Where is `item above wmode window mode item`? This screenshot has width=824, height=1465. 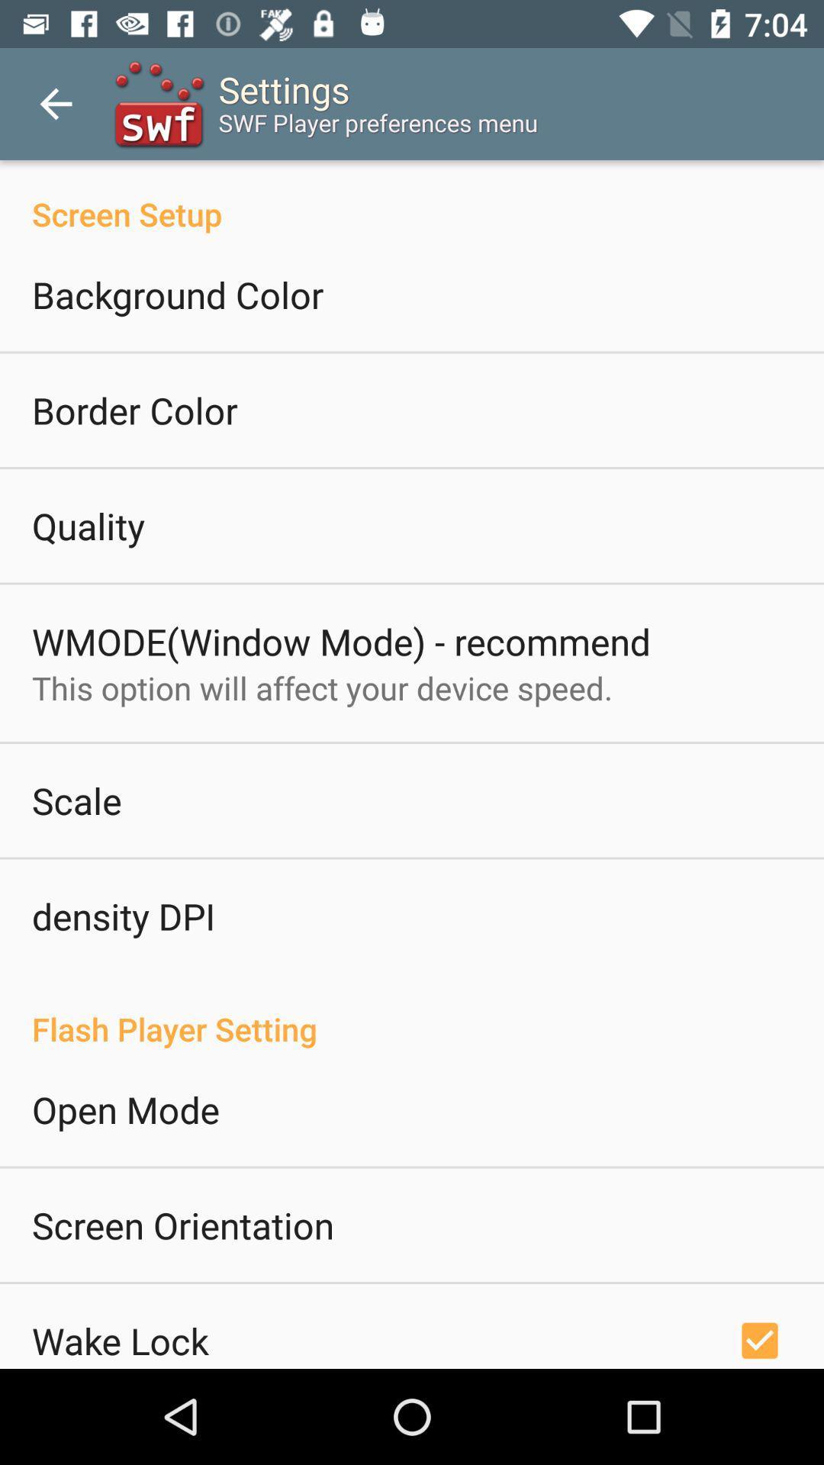
item above wmode window mode item is located at coordinates (88, 526).